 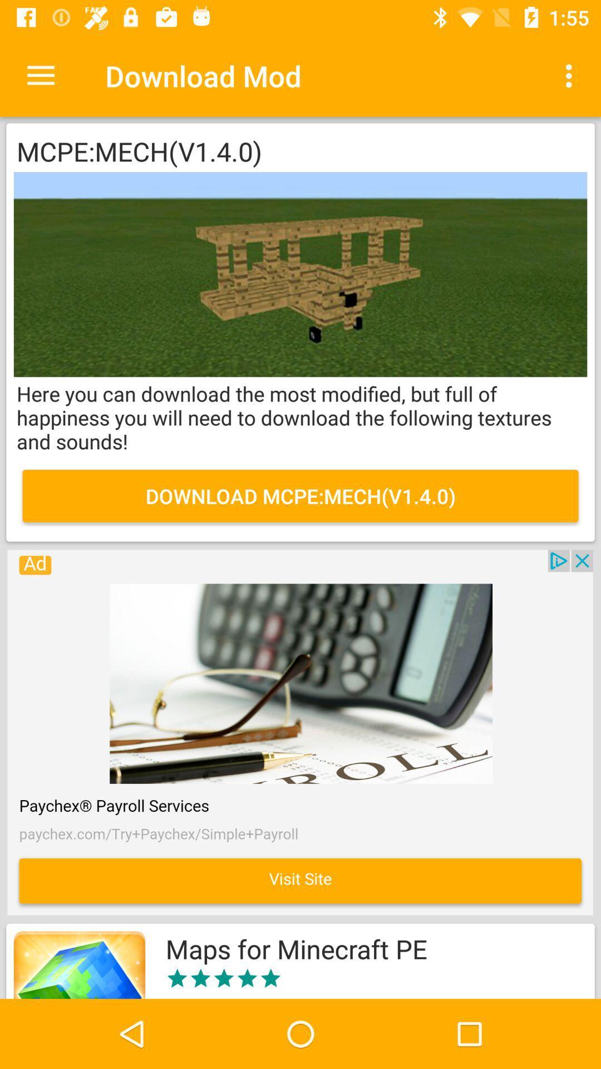 What do you see at coordinates (299, 732) in the screenshot?
I see `explore the advertised website` at bounding box center [299, 732].